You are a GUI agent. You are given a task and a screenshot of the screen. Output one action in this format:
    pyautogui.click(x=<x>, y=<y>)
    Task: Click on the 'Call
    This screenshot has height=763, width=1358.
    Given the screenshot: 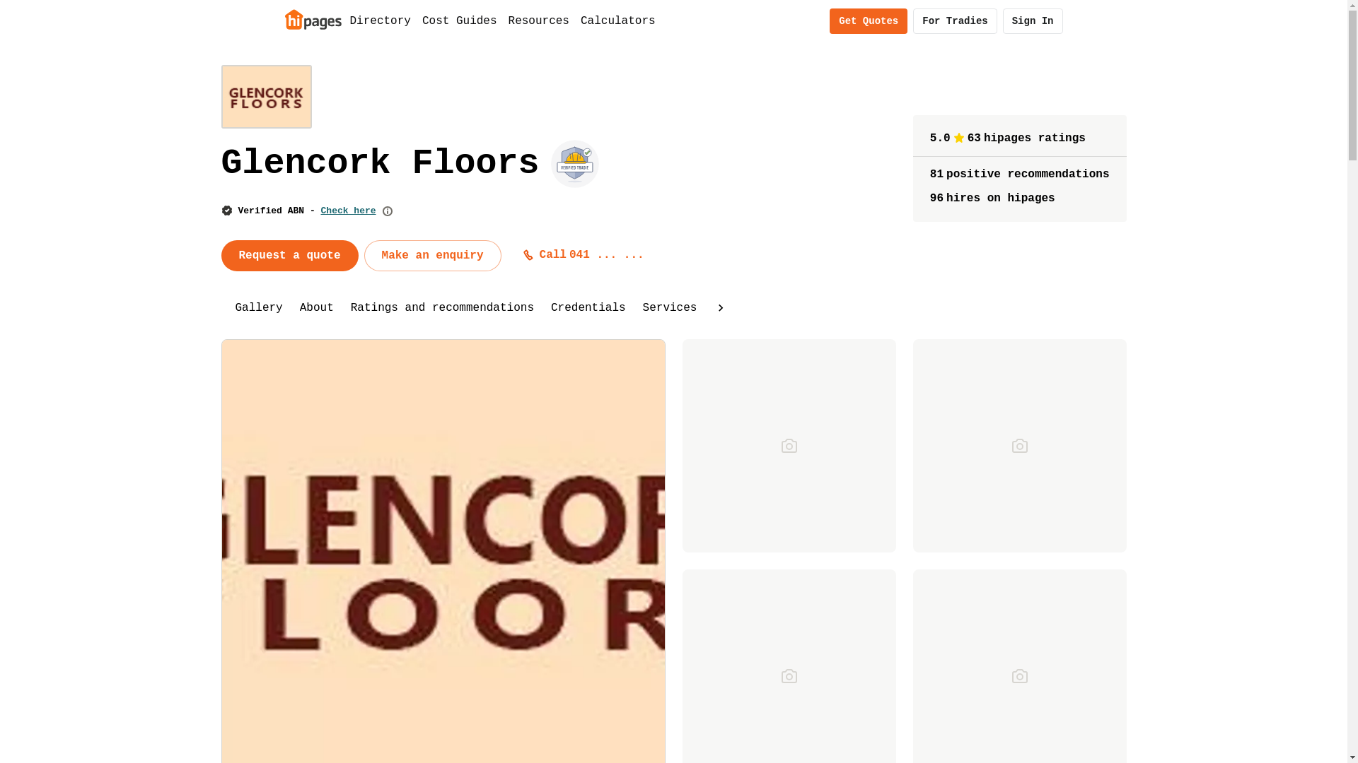 What is the action you would take?
    pyautogui.click(x=587, y=255)
    